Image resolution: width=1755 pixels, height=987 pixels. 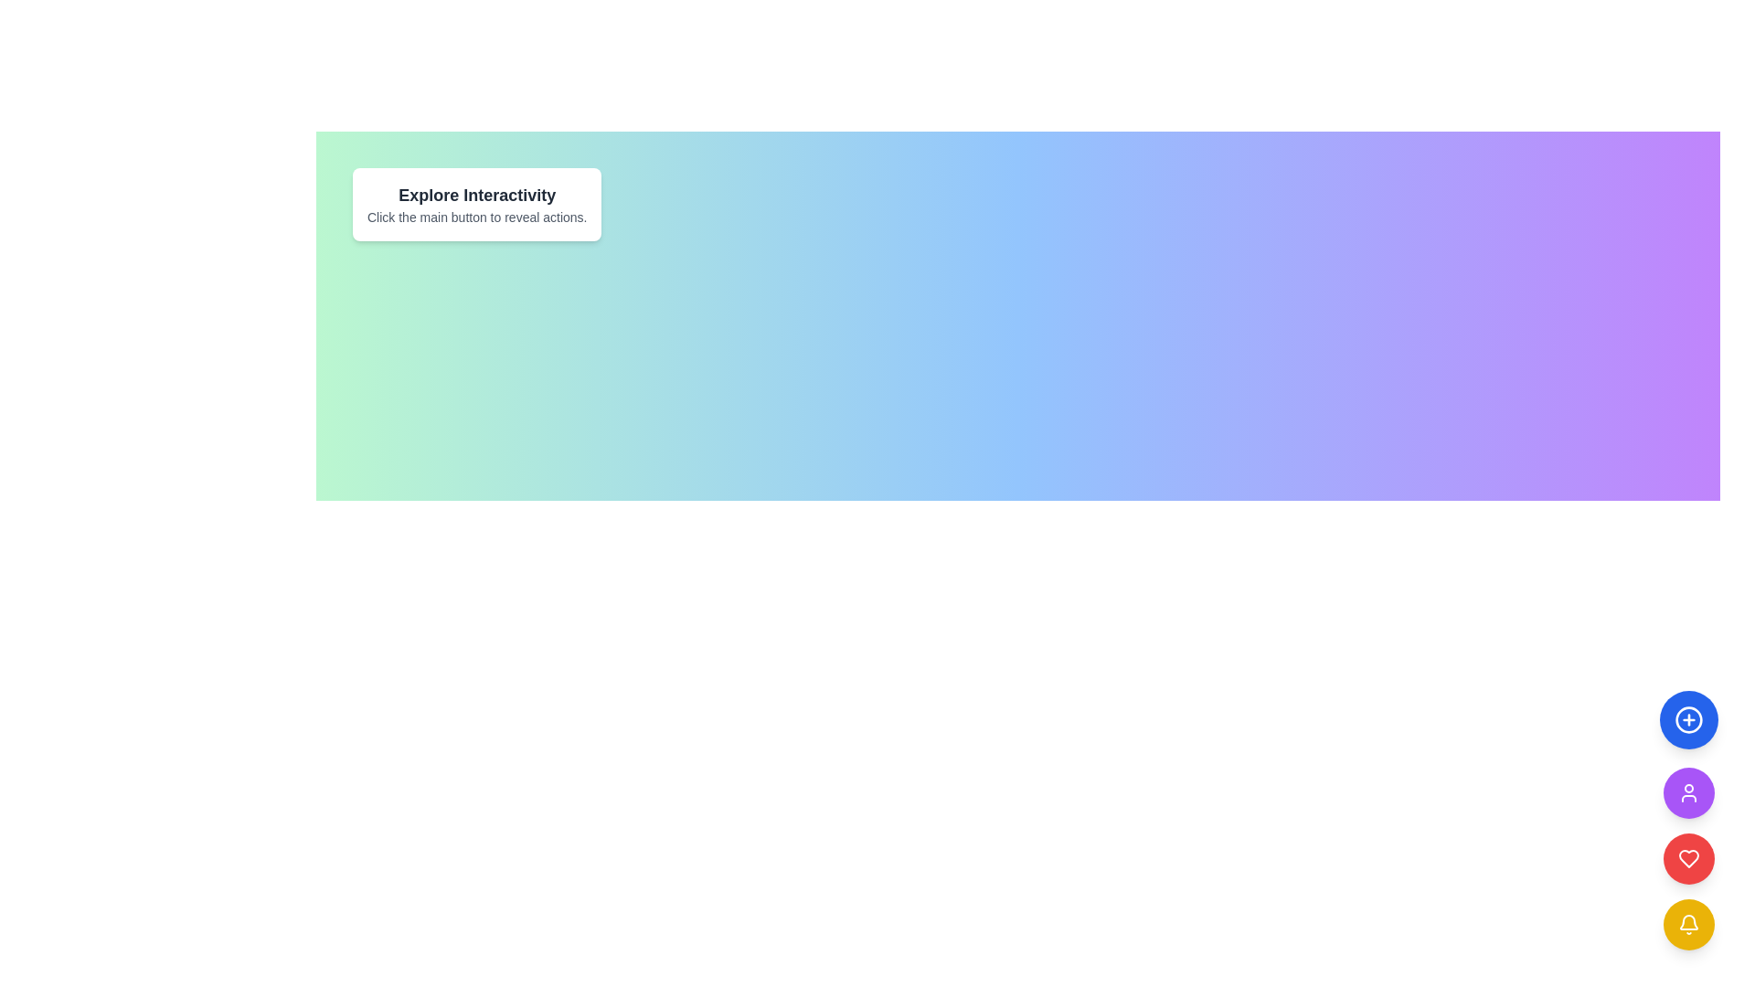 What do you see at coordinates (477, 217) in the screenshot?
I see `the static text label that provides supplementary information instructing users to click a button, located below the header 'Explore Interactivity' in the upper-middle section of the interface` at bounding box center [477, 217].